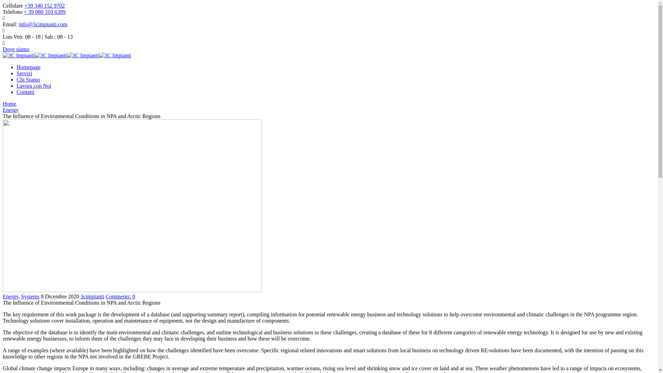  I want to click on 'Systems', so click(30, 296).